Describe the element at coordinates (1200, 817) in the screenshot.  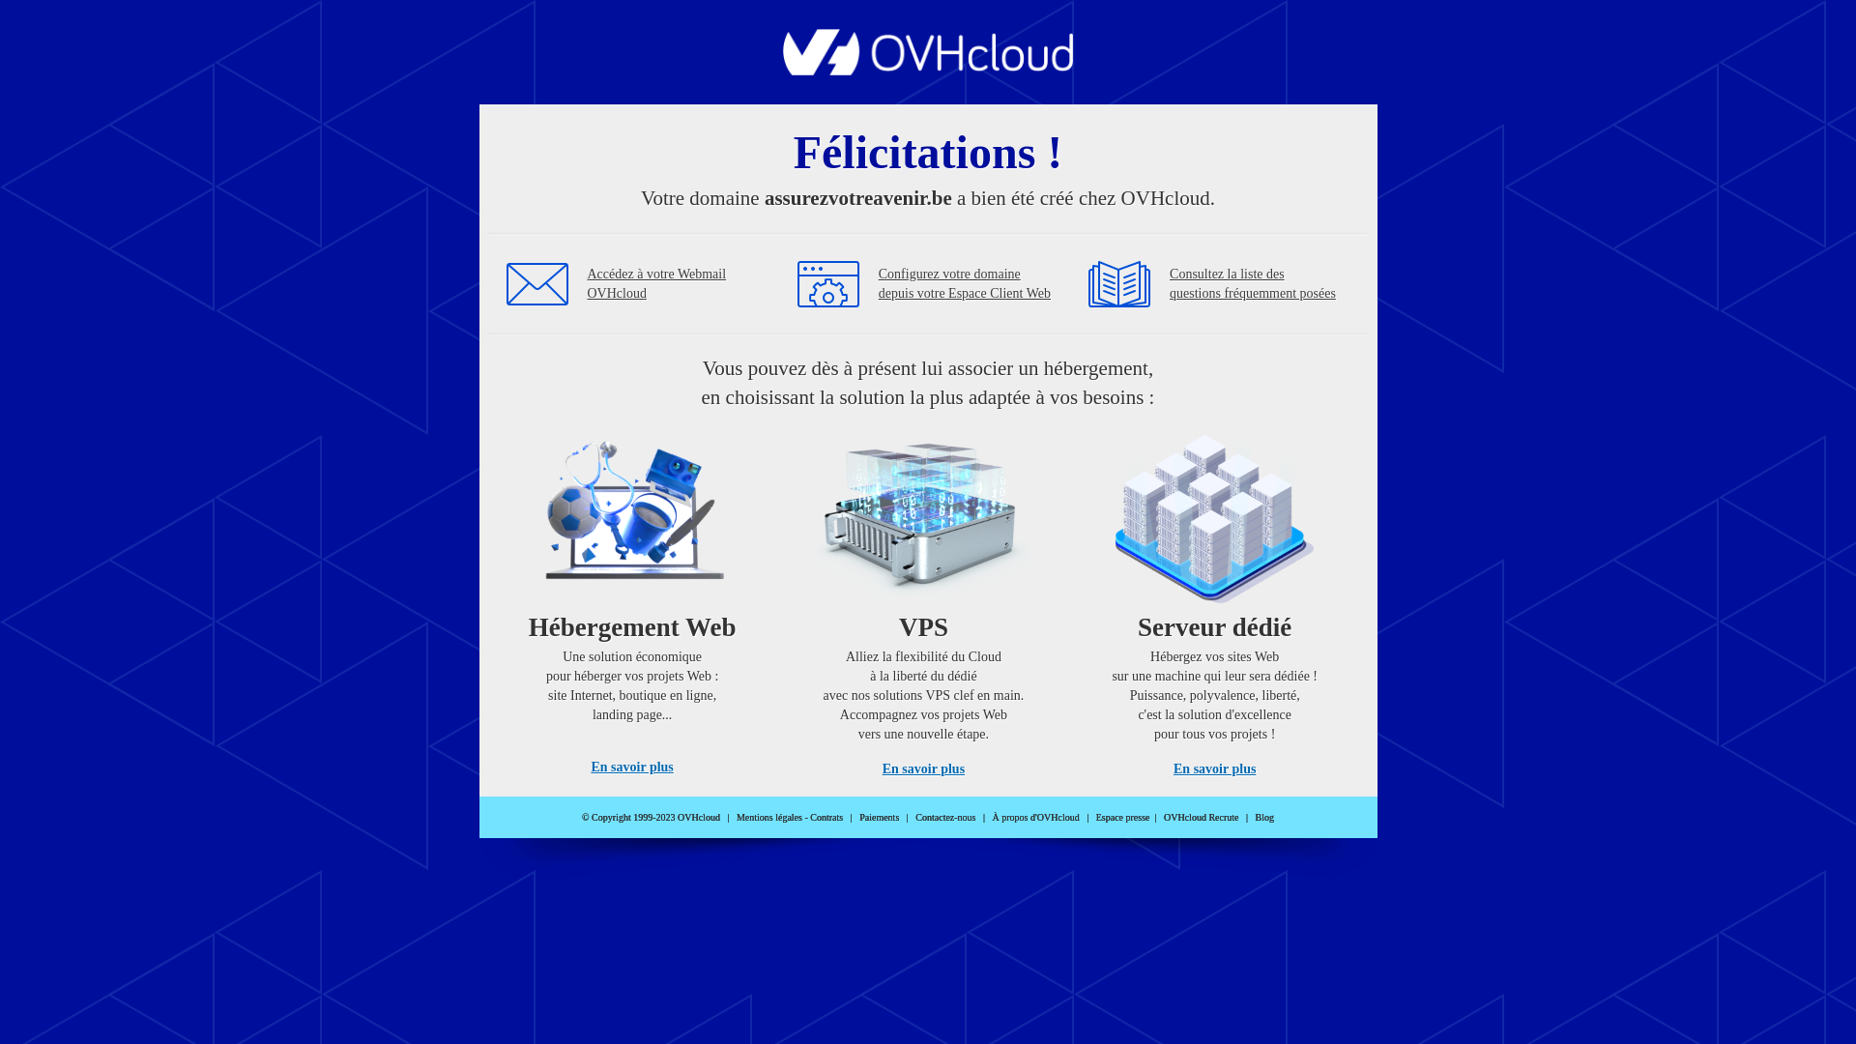
I see `'OVHcloud Recrute'` at that location.